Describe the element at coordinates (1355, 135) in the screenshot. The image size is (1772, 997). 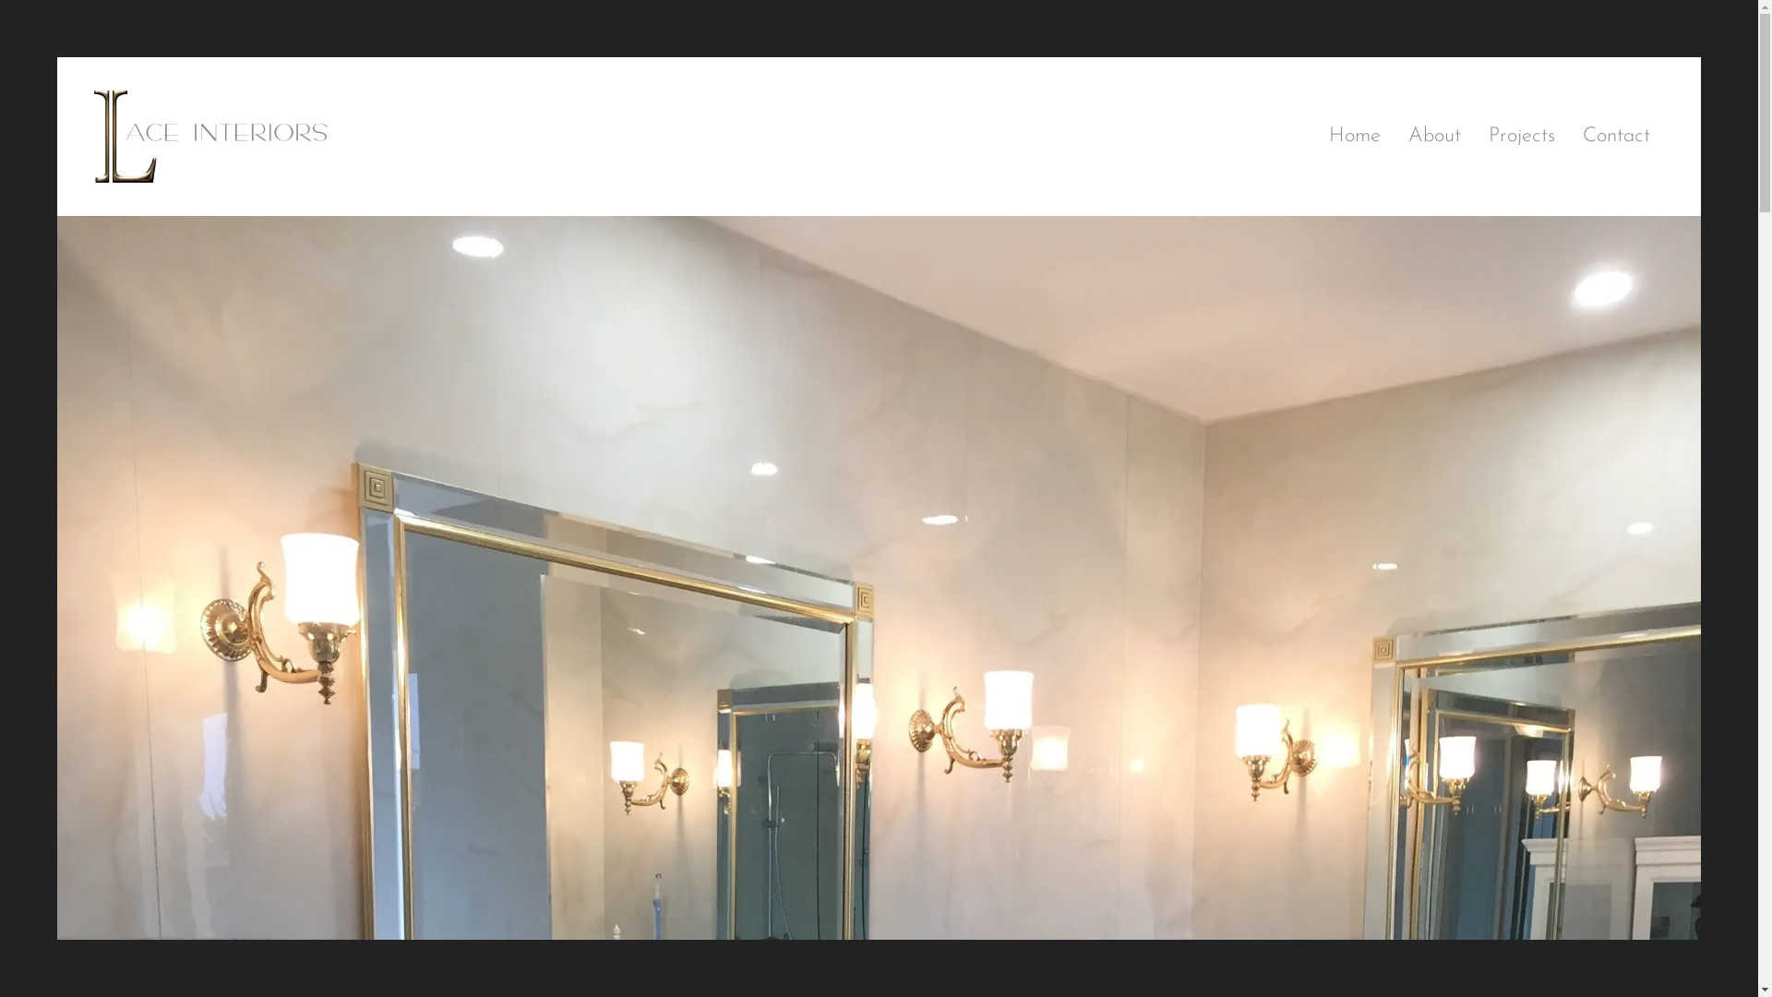
I see `'Home'` at that location.